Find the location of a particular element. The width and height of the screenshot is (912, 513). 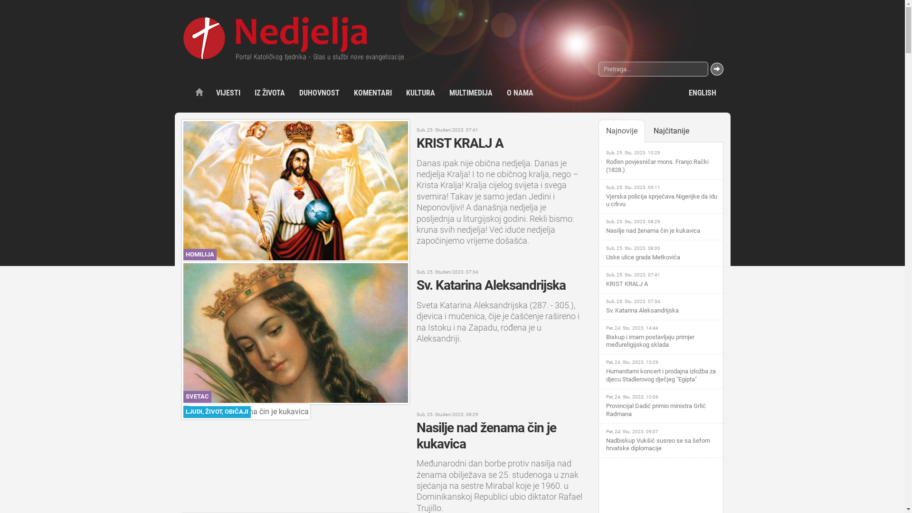

'MULTIMEDIJA' is located at coordinates (470, 93).